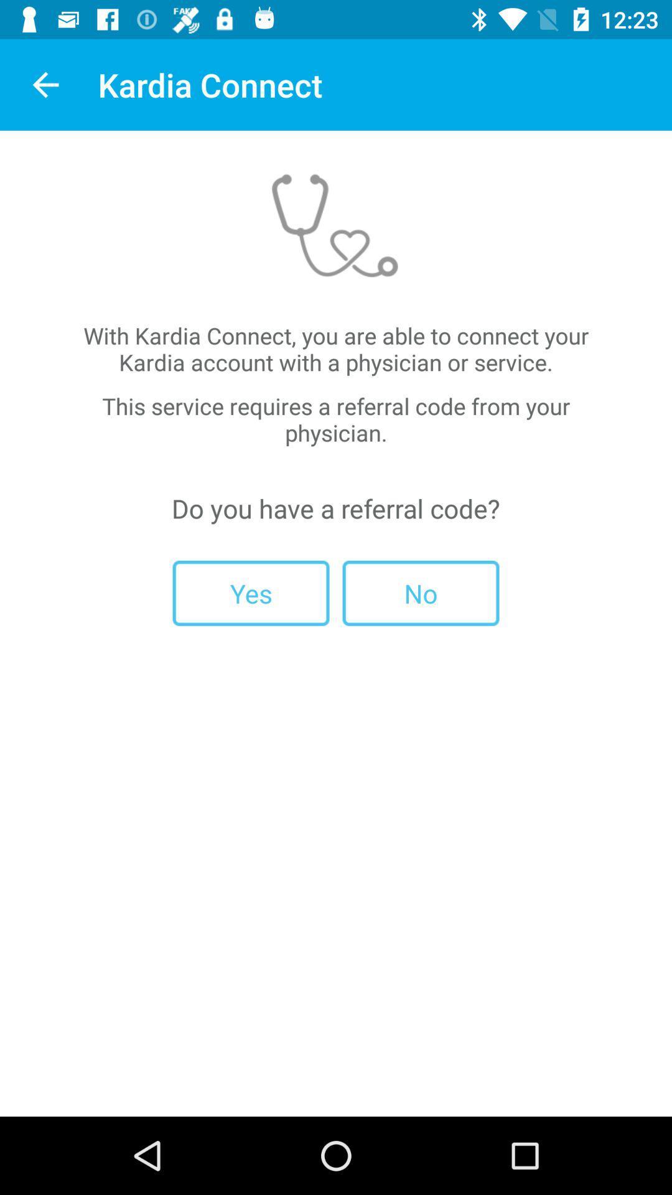 This screenshot has width=672, height=1195. What do you see at coordinates (251, 593) in the screenshot?
I see `the icon below do you have icon` at bounding box center [251, 593].